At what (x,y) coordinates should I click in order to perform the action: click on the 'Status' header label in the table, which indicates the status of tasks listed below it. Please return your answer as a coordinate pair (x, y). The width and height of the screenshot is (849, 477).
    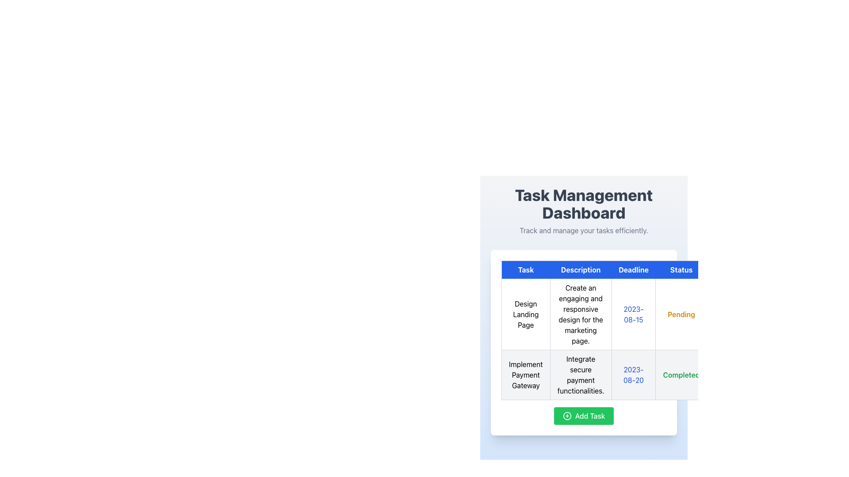
    Looking at the image, I should click on (681, 269).